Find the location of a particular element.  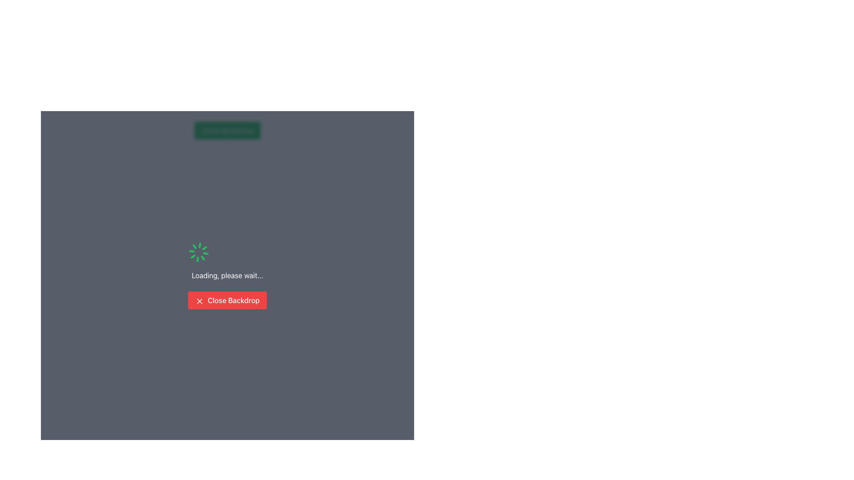

the close button at the top center of the modal dialog is located at coordinates (227, 130).